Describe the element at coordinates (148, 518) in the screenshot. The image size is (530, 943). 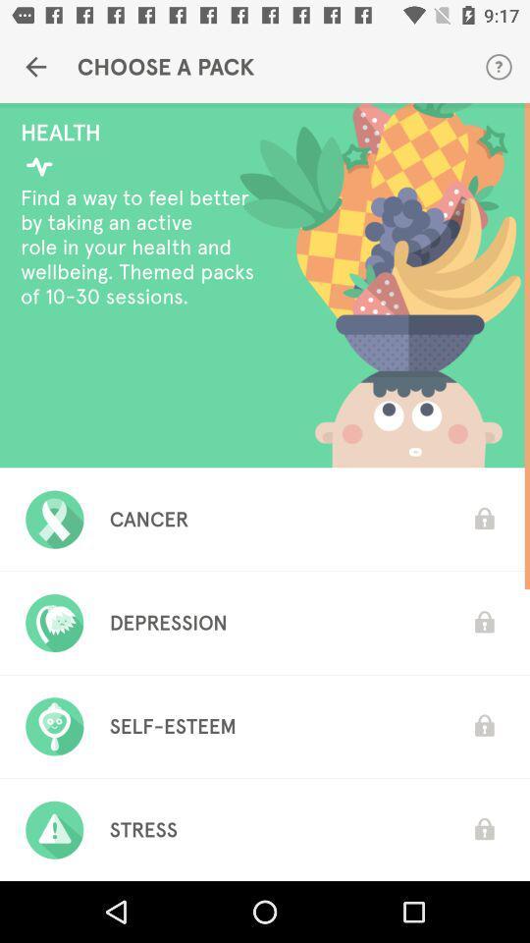
I see `icon above depression item` at that location.